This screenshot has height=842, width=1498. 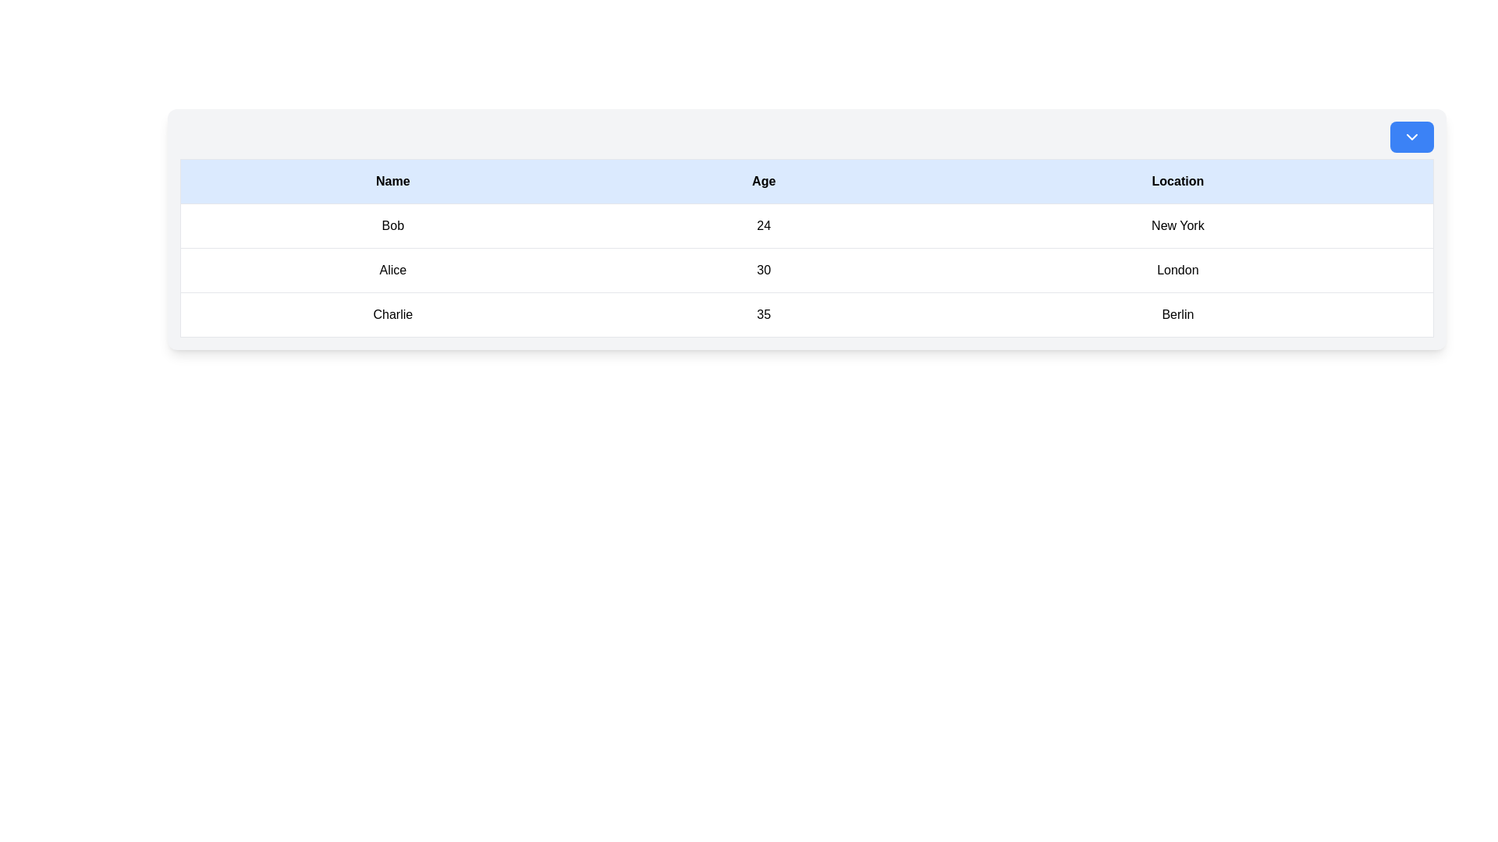 I want to click on text displayed in the first column of the user information table, which contains the name 'Bob', so click(x=392, y=225).